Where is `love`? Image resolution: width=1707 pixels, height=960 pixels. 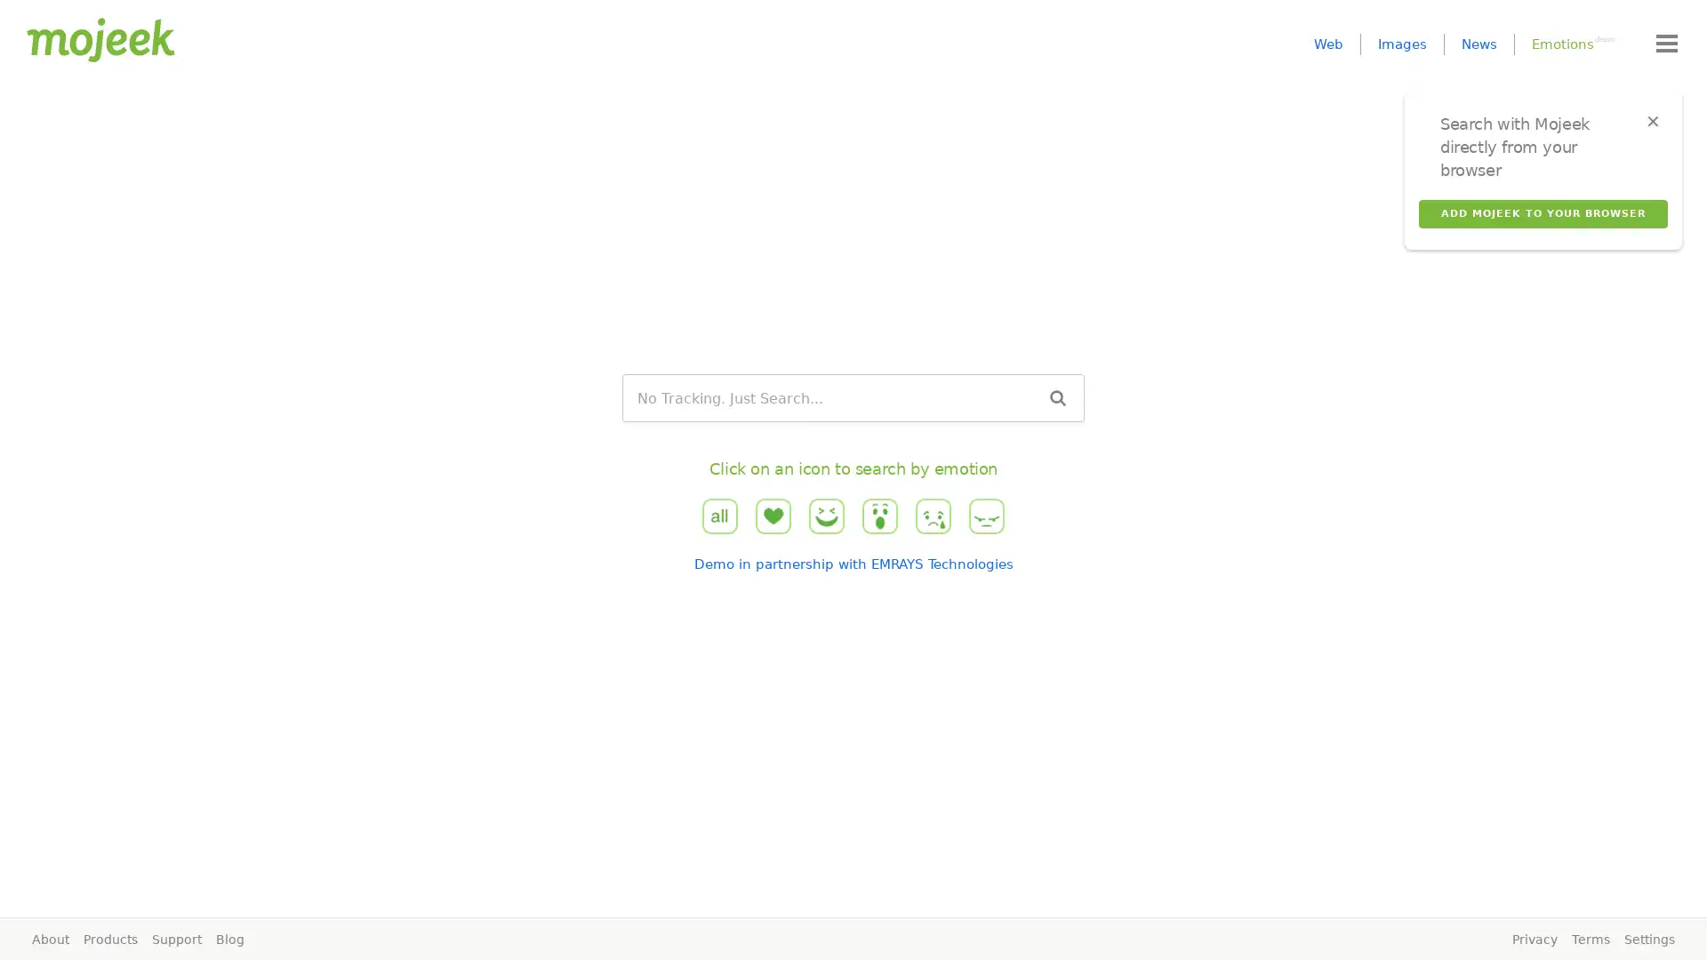 love is located at coordinates (773, 516).